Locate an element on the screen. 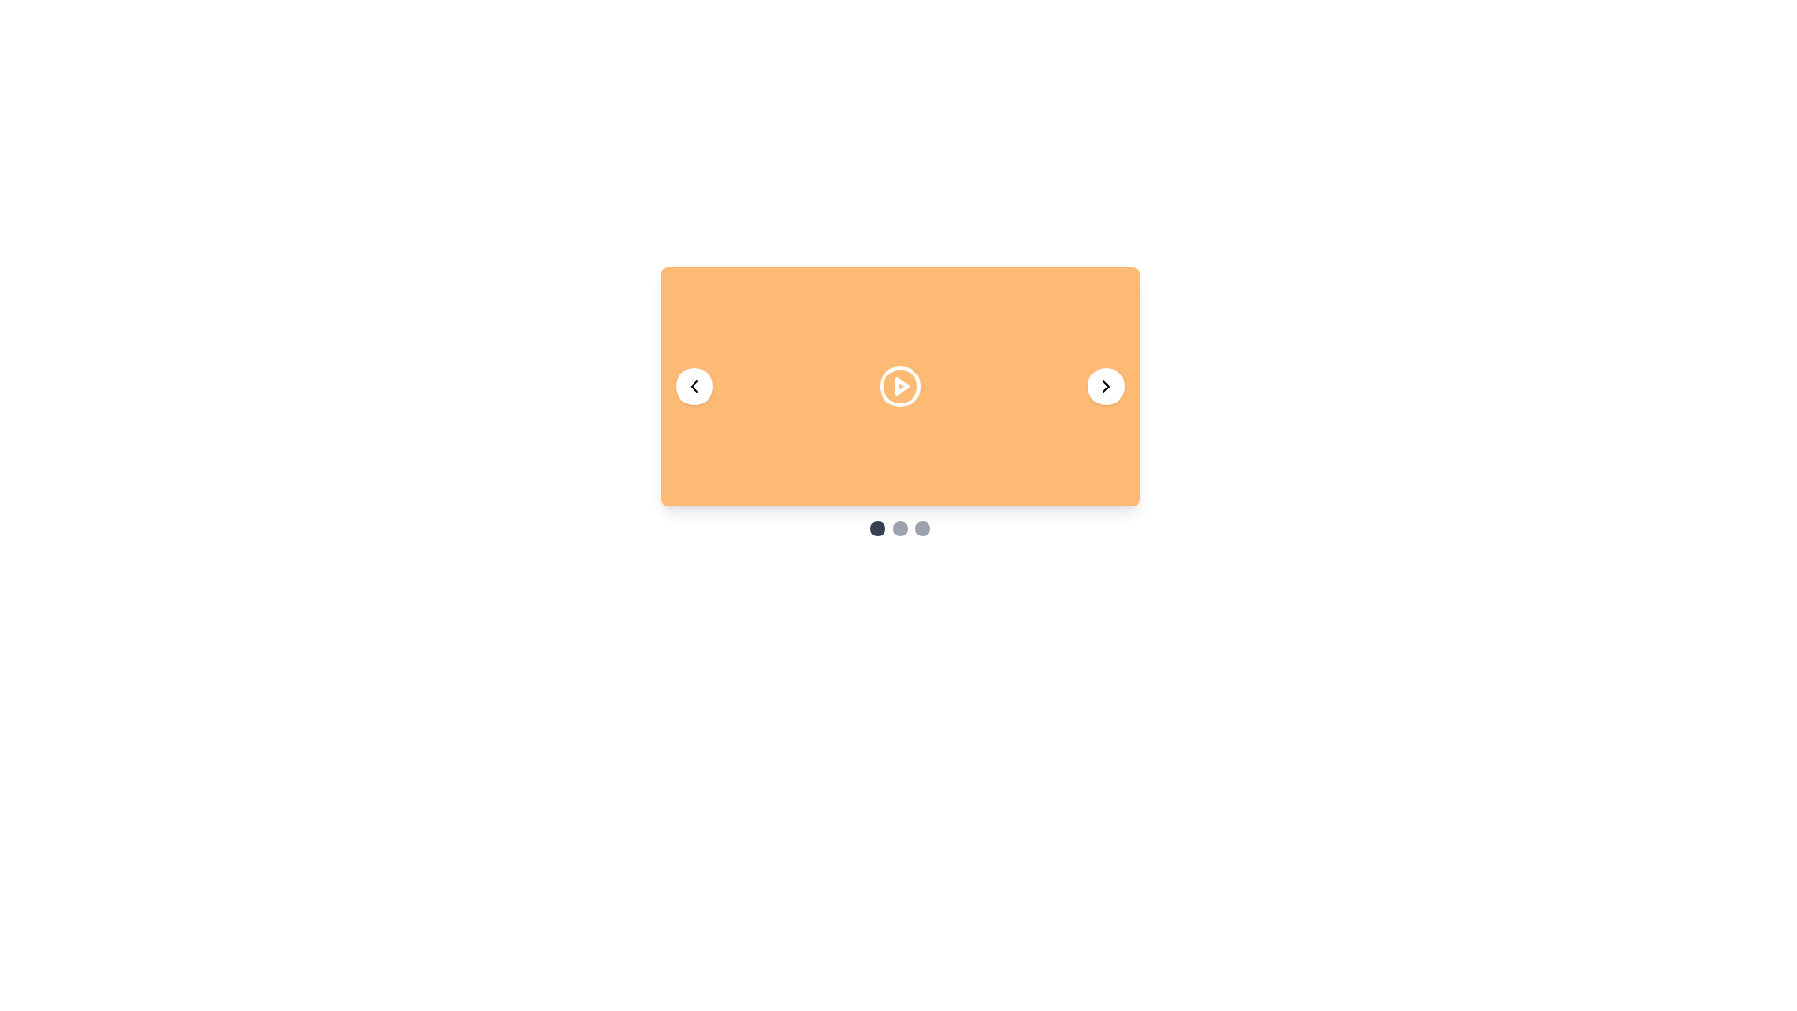 The height and width of the screenshot is (1011, 1797). the second radio button, which is a small circular button with a gray background, located in the middle of three similar buttons arranged horizontally is located at coordinates (899, 528).